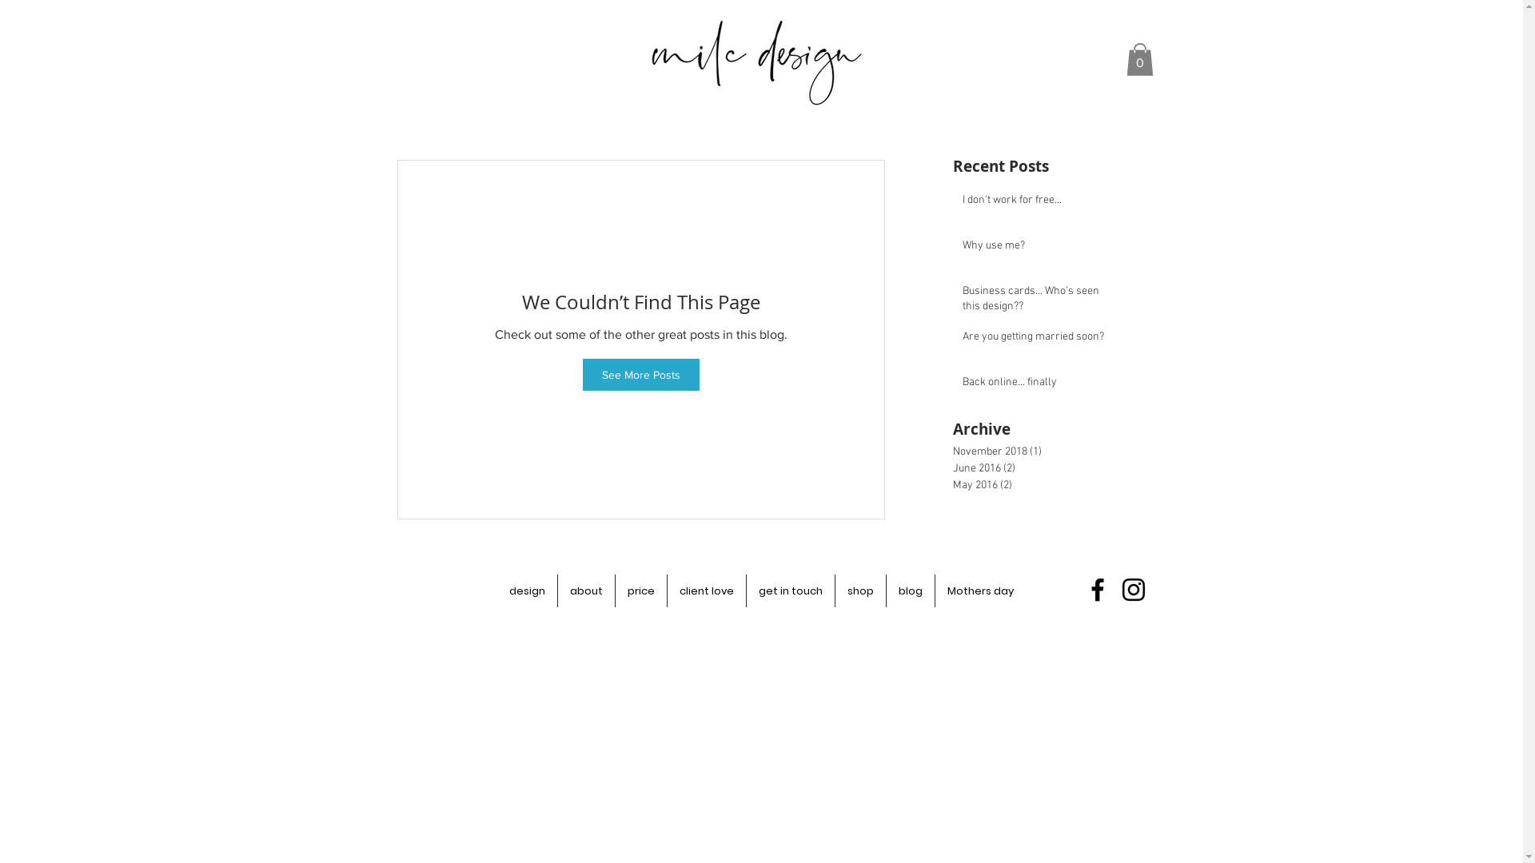 The image size is (1535, 863). What do you see at coordinates (910, 591) in the screenshot?
I see `'blog'` at bounding box center [910, 591].